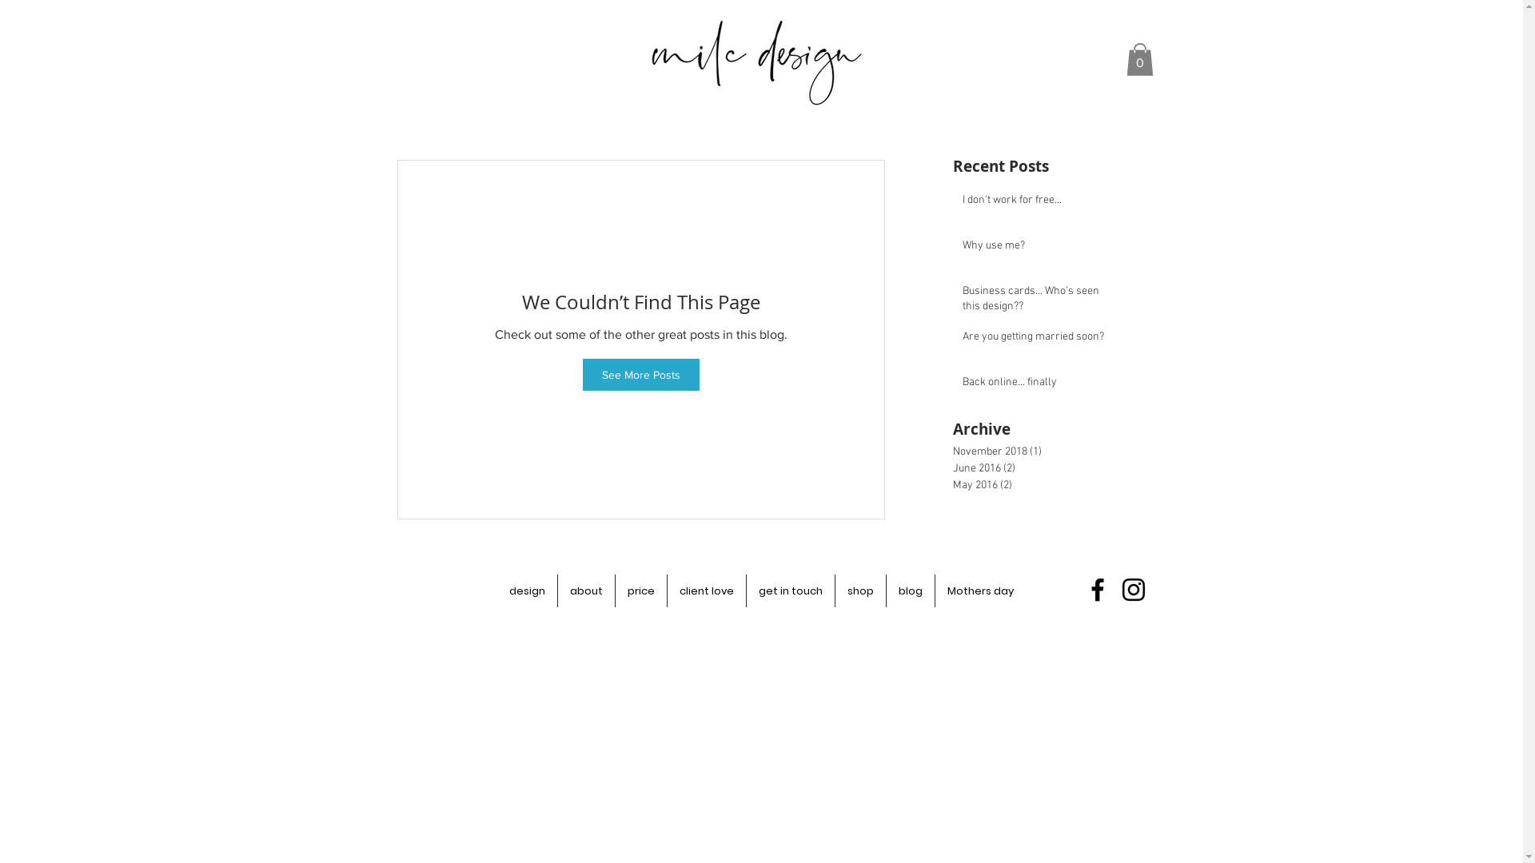 The image size is (1535, 863). What do you see at coordinates (910, 591) in the screenshot?
I see `'blog'` at bounding box center [910, 591].